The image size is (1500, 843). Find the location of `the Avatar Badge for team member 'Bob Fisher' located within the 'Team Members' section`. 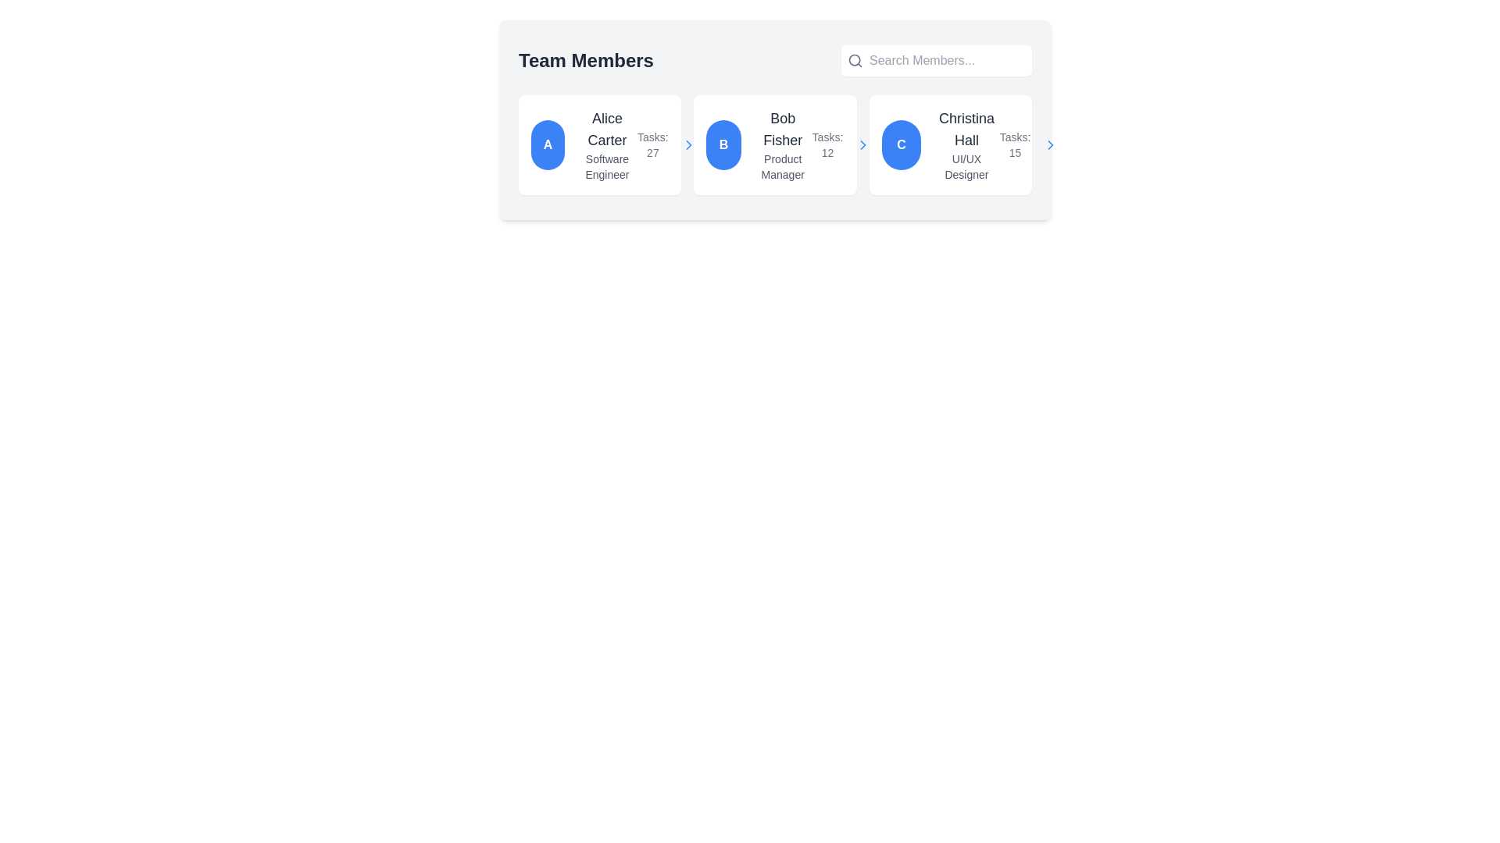

the Avatar Badge for team member 'Bob Fisher' located within the 'Team Members' section is located at coordinates (723, 144).